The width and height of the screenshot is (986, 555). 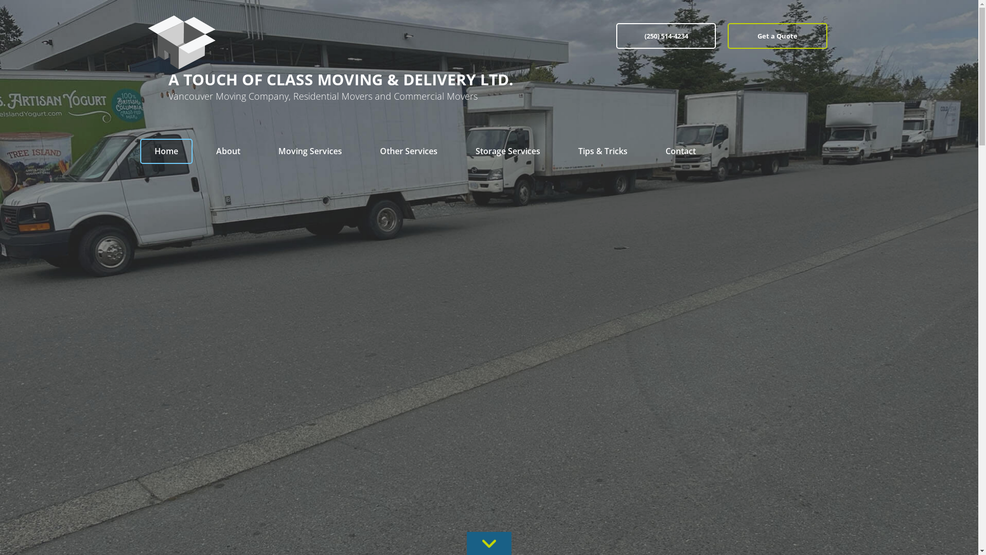 What do you see at coordinates (310, 194) in the screenshot?
I see `'Long Distance Moving'` at bounding box center [310, 194].